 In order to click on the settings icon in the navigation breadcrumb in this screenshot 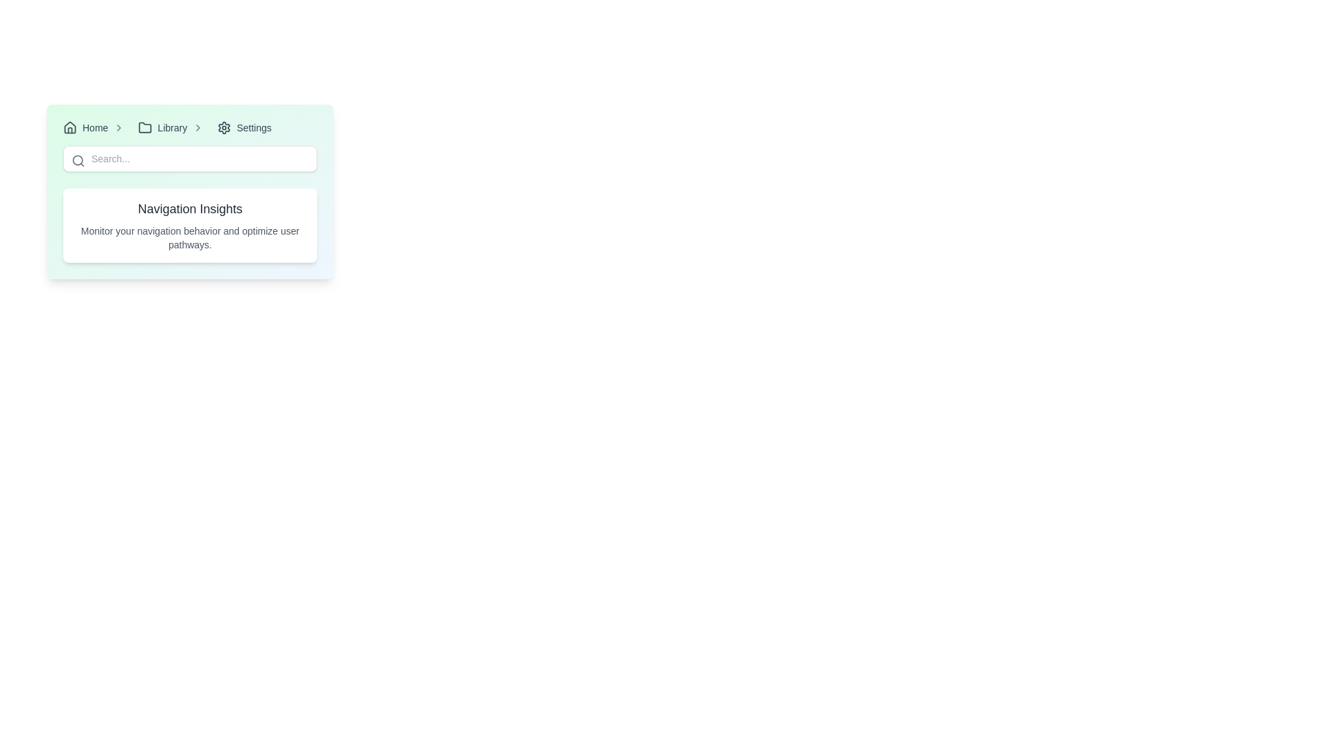, I will do `click(224, 127)`.